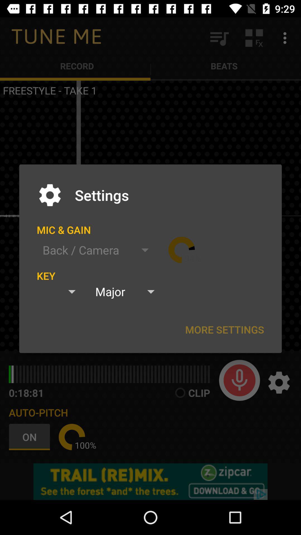 Image resolution: width=301 pixels, height=535 pixels. Describe the element at coordinates (219, 38) in the screenshot. I see `app to the right of record` at that location.